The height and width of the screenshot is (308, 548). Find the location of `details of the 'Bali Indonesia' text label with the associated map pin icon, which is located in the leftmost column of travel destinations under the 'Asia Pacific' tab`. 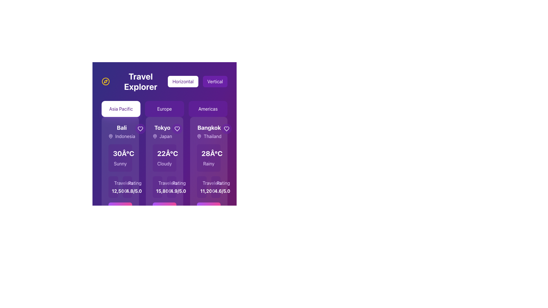

details of the 'Bali Indonesia' text label with the associated map pin icon, which is located in the leftmost column of travel destinations under the 'Asia Pacific' tab is located at coordinates (121, 132).